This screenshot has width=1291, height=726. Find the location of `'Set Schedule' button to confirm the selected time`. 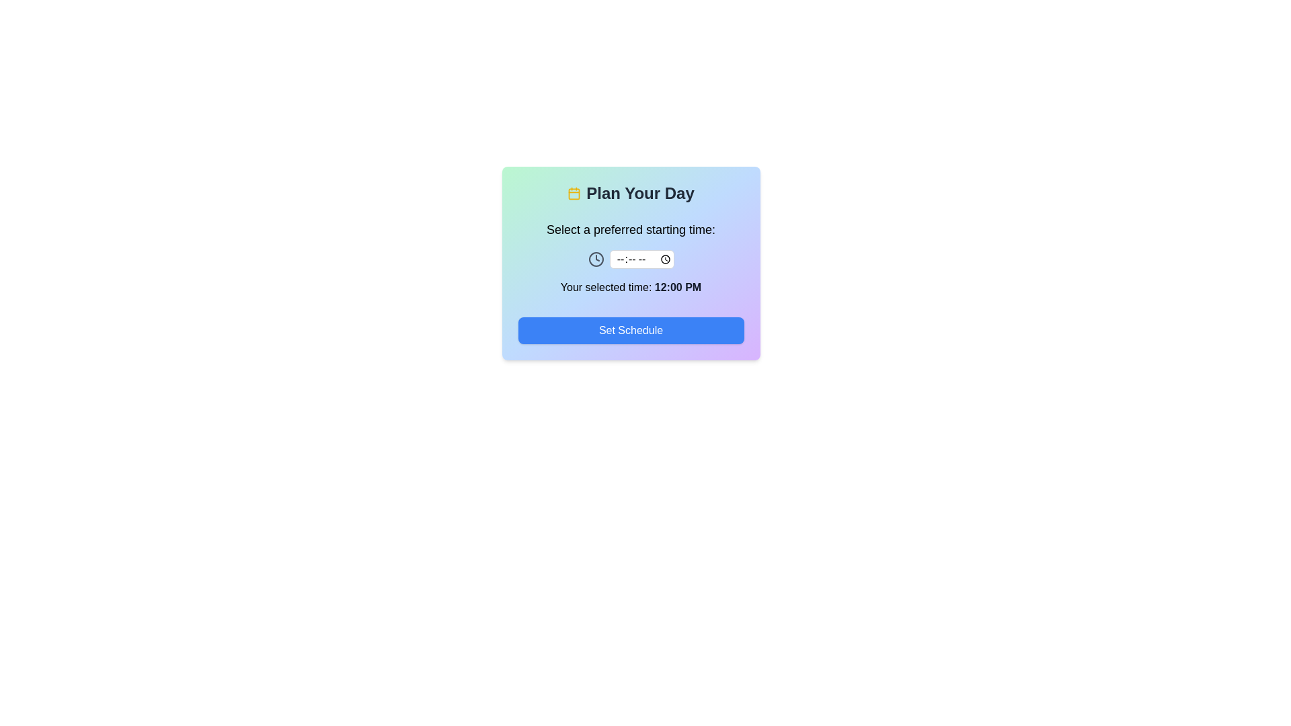

'Set Schedule' button to confirm the selected time is located at coordinates (630, 331).